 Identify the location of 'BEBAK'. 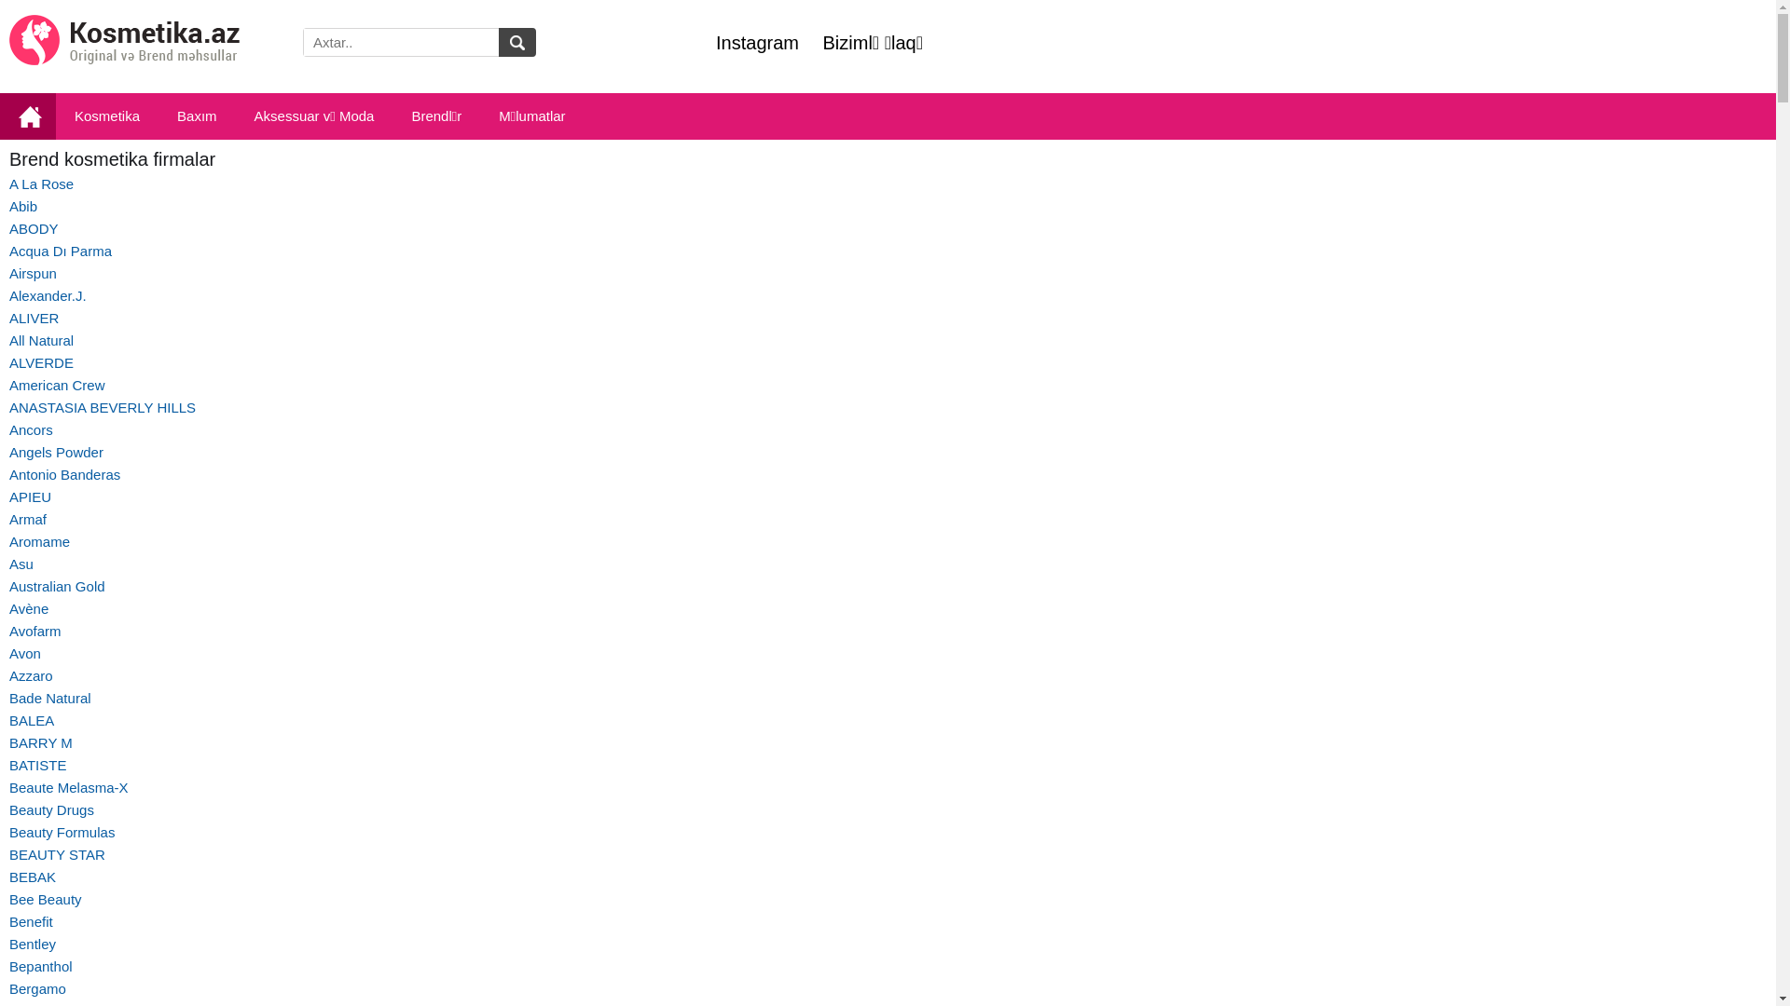
(32, 877).